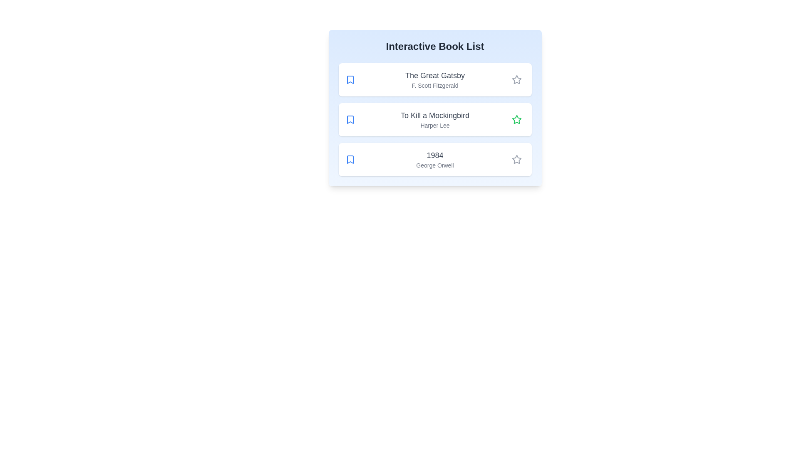 The image size is (799, 449). What do you see at coordinates (516, 80) in the screenshot?
I see `the star icon next to the book titled 'The Great Gatsby' to toggle its read status` at bounding box center [516, 80].